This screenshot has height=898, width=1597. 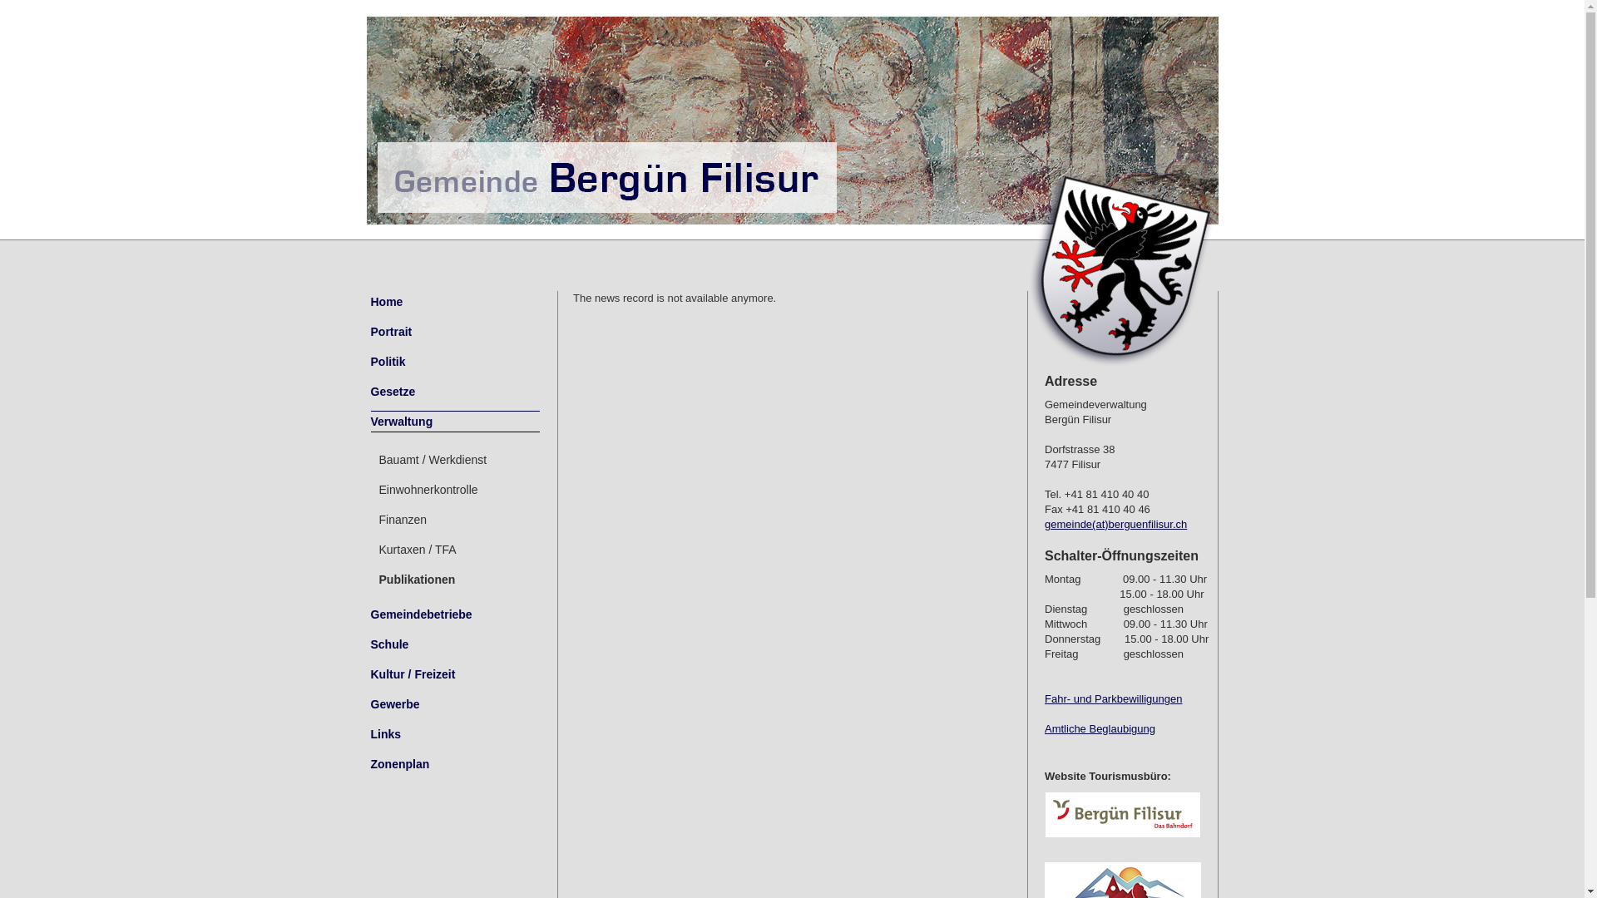 What do you see at coordinates (455, 733) in the screenshot?
I see `'Links'` at bounding box center [455, 733].